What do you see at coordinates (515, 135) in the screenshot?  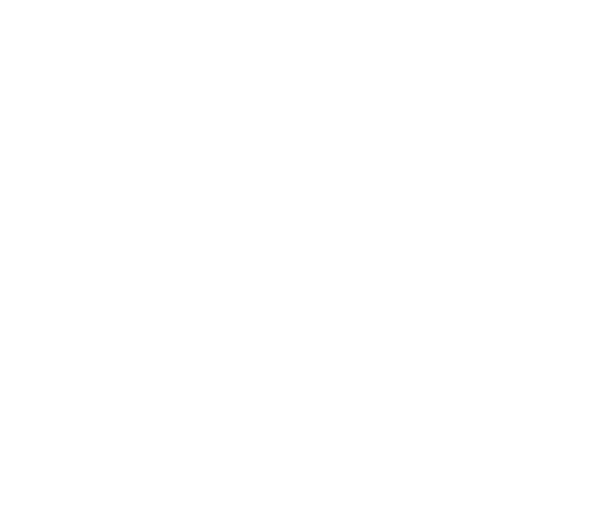 I see `'Brandi Carlile Searches For The Artist Within, Part 2'` at bounding box center [515, 135].